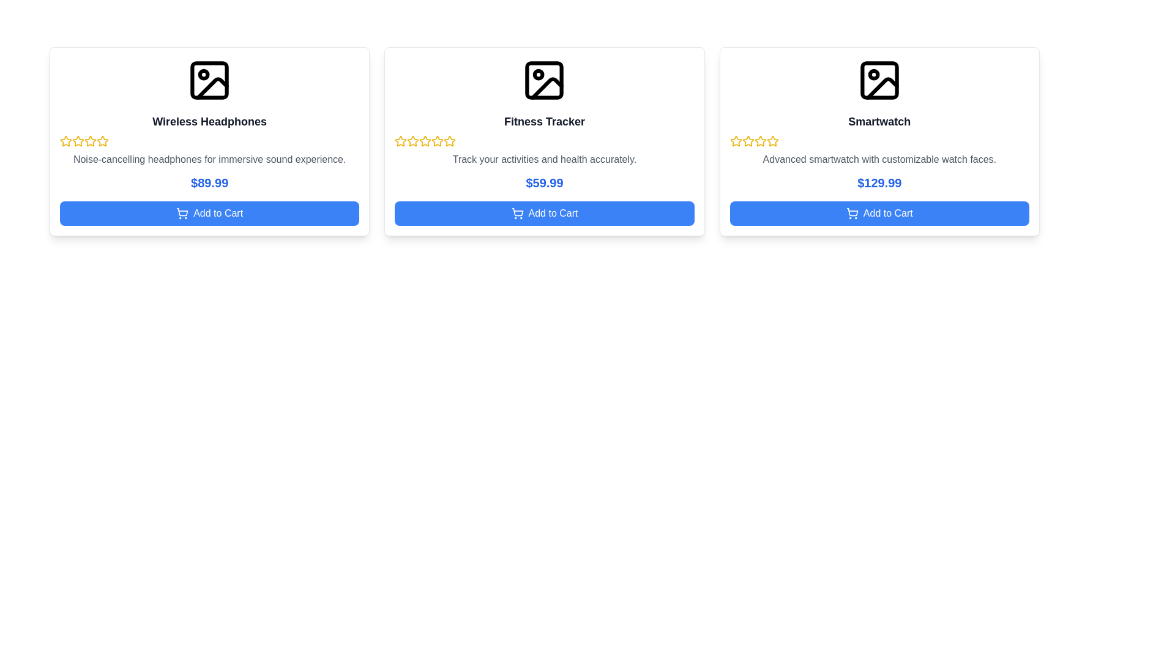 The width and height of the screenshot is (1175, 661). What do you see at coordinates (90, 140) in the screenshot?
I see `the second yellow outlined star icon in the rating system under the 'Wireless Headphones' section to provide a rating` at bounding box center [90, 140].